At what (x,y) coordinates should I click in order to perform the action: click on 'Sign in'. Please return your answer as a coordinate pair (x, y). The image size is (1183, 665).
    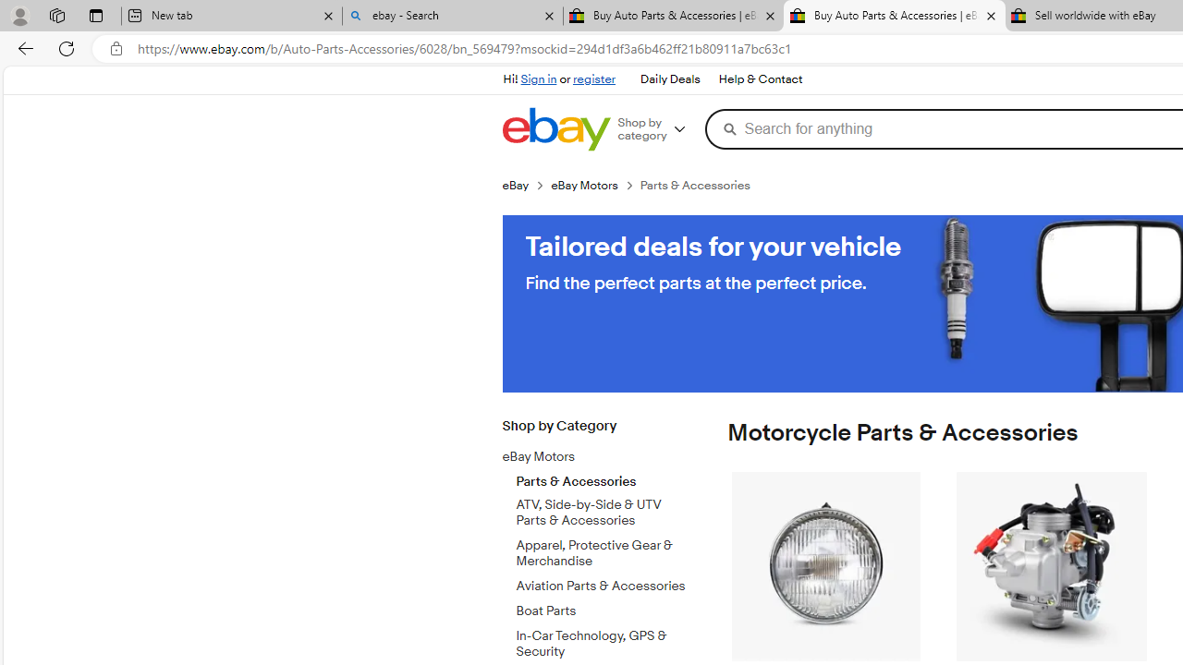
    Looking at the image, I should click on (538, 79).